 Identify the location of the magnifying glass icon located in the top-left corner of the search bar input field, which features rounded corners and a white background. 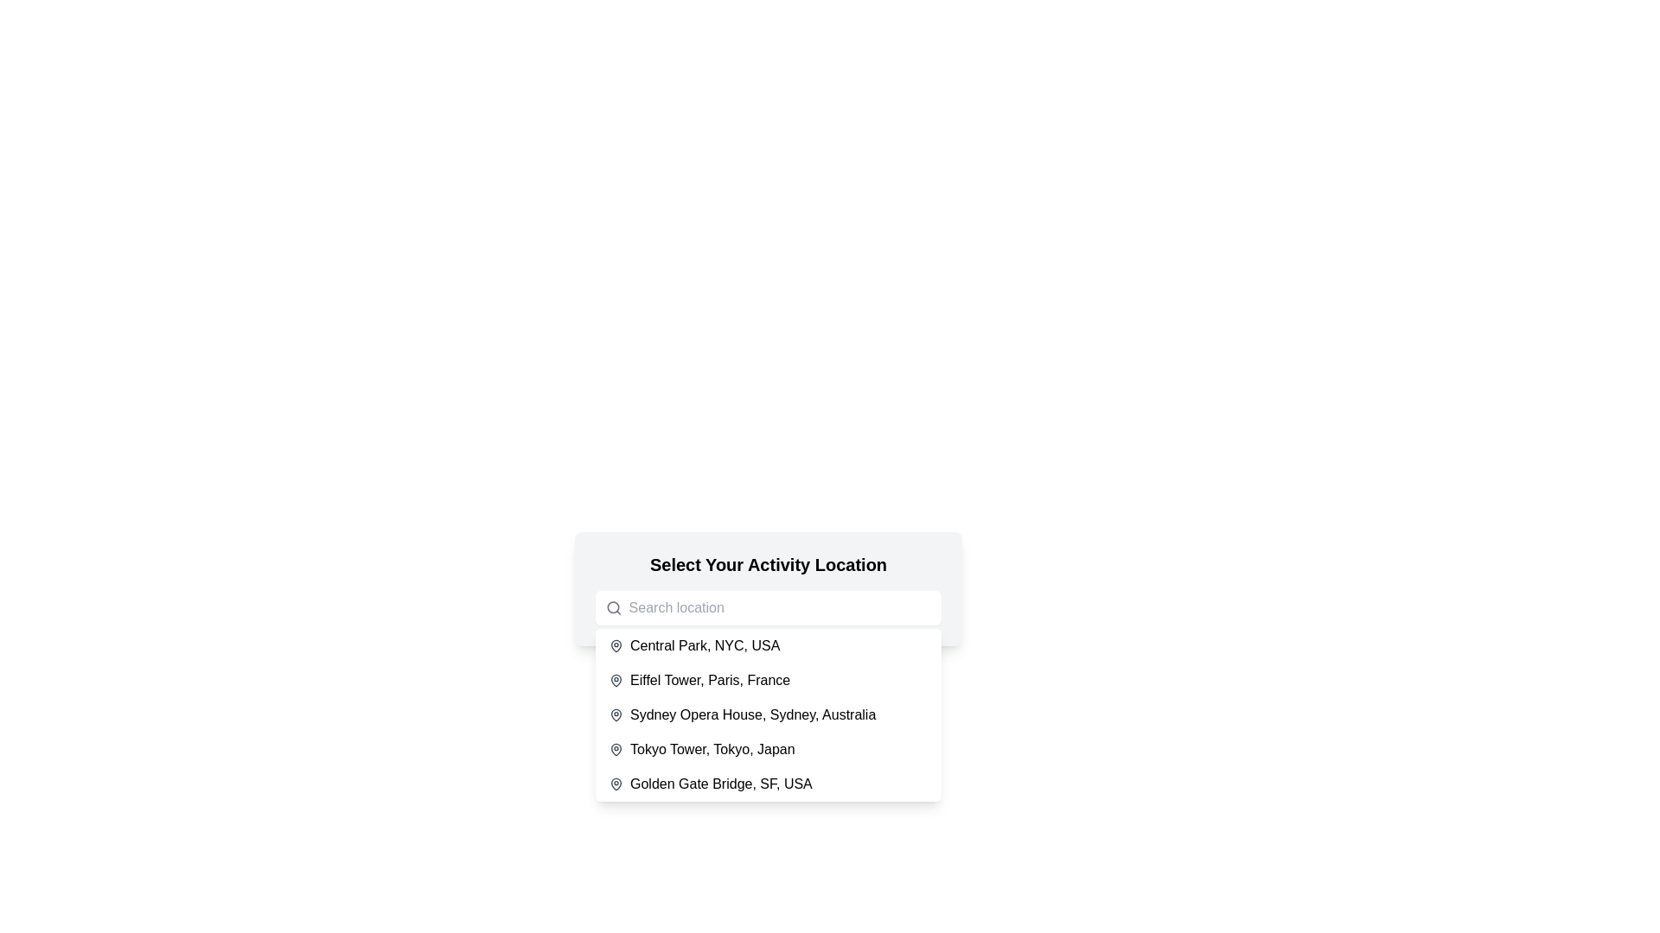
(614, 607).